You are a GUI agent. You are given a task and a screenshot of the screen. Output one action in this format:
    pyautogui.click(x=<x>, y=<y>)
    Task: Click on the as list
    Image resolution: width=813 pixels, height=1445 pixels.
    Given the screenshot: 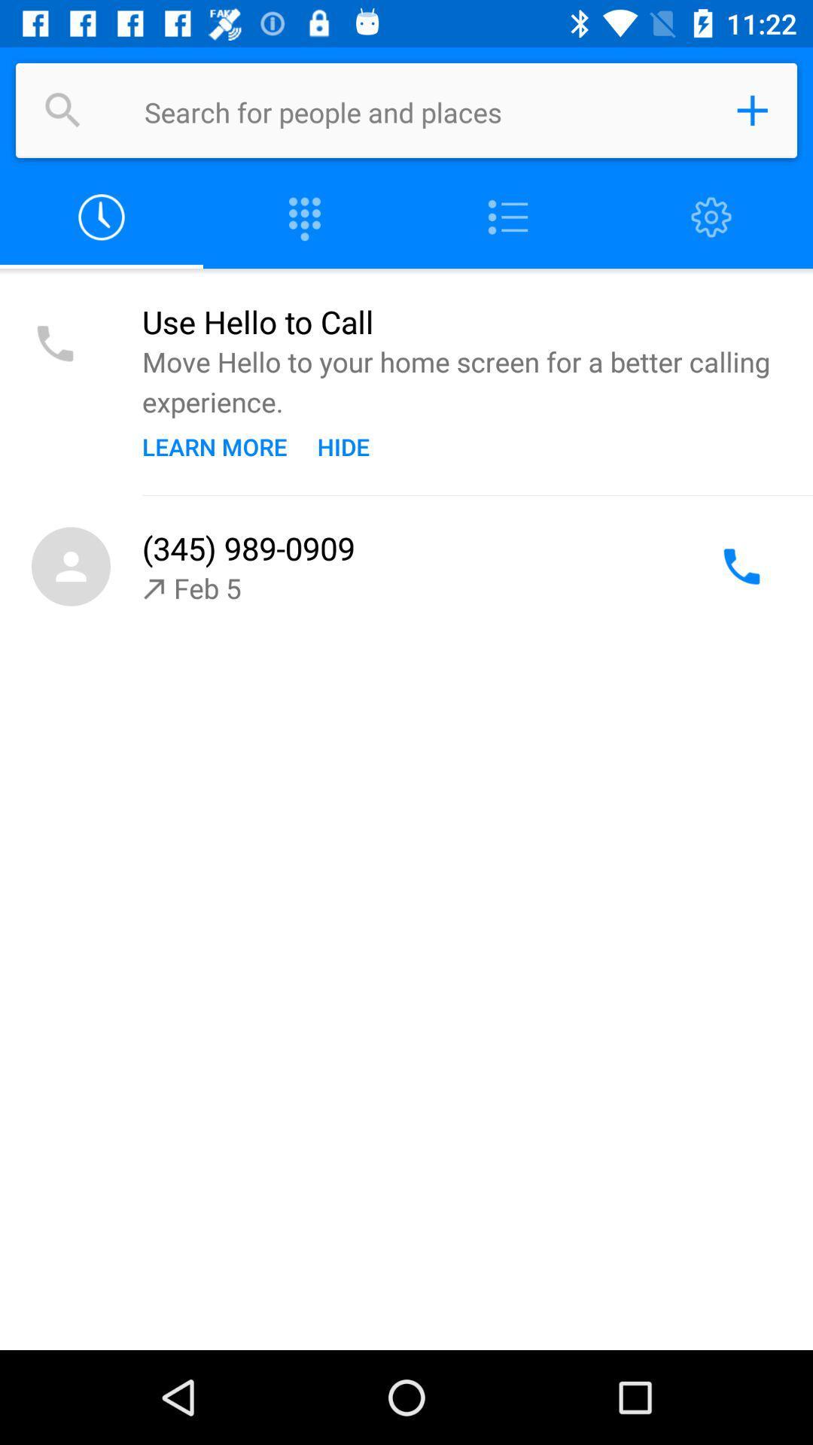 What is the action you would take?
    pyautogui.click(x=508, y=217)
    